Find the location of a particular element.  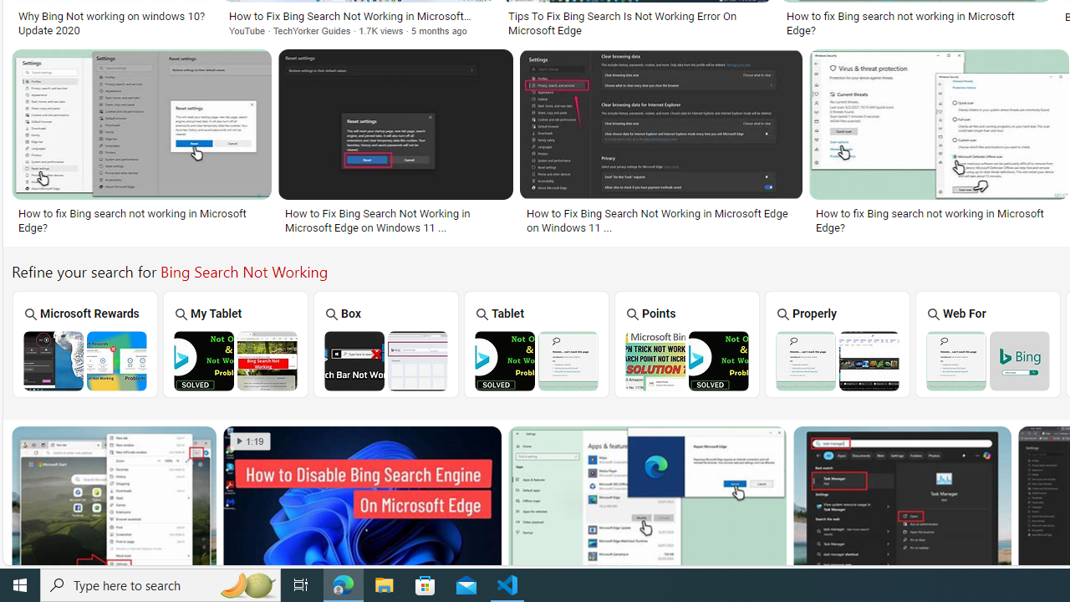

'Bing Tablet Search Not Working' is located at coordinates (536, 360).